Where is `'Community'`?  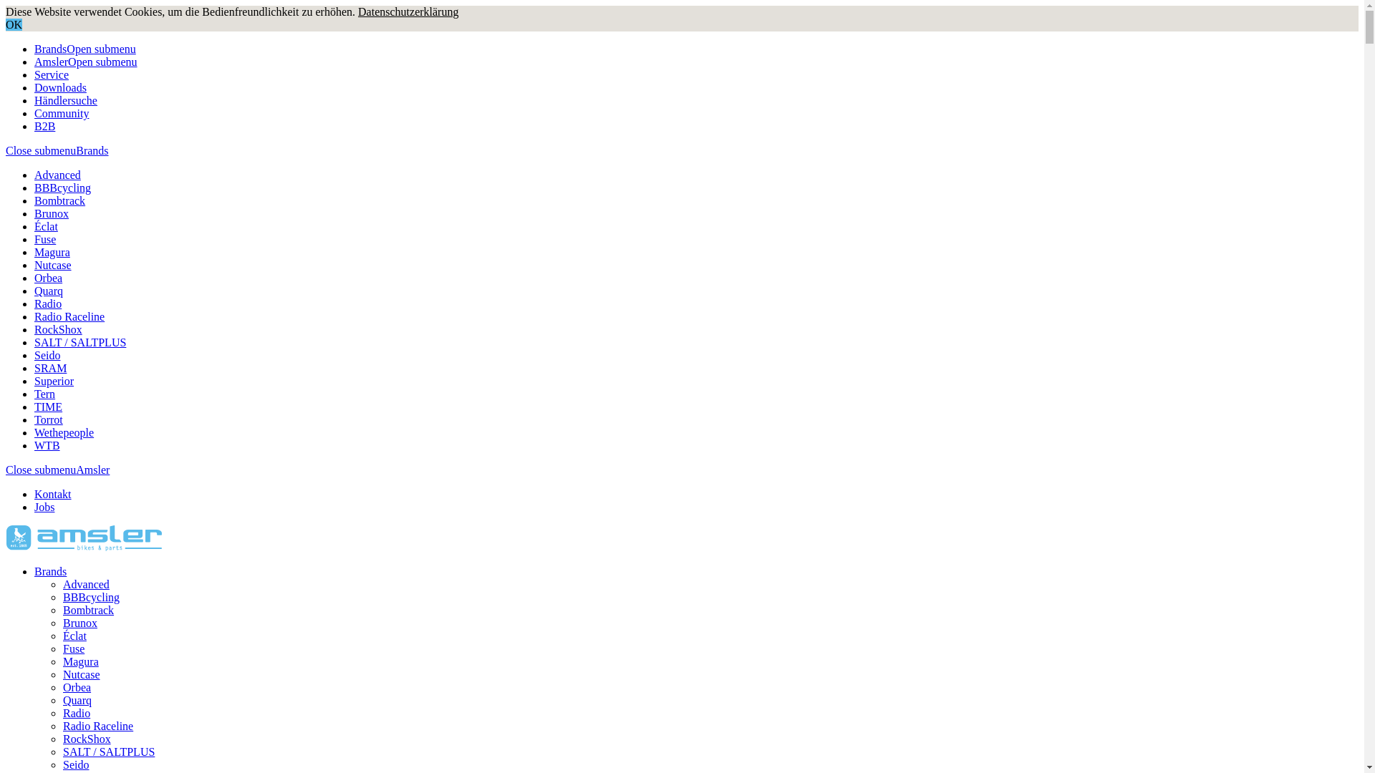 'Community' is located at coordinates (61, 112).